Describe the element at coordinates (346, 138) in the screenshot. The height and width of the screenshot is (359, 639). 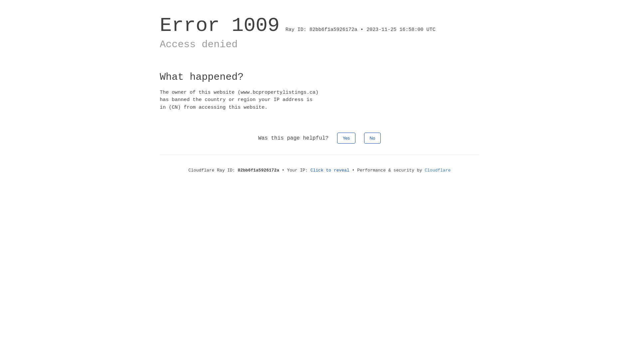
I see `'Yes'` at that location.